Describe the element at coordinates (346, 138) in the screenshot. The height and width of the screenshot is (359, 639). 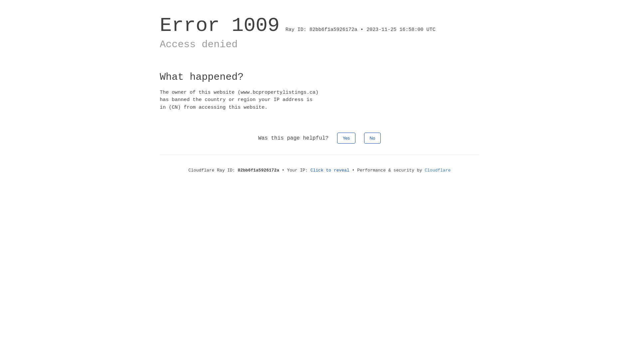
I see `'Yes'` at that location.